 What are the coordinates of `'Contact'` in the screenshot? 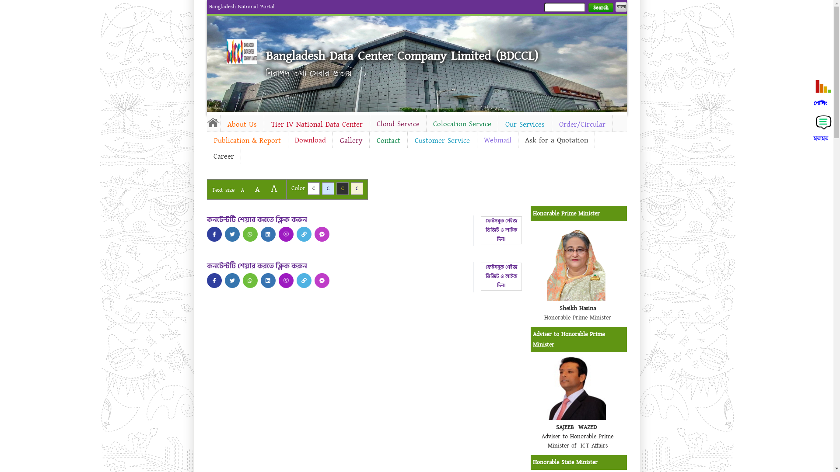 It's located at (388, 140).